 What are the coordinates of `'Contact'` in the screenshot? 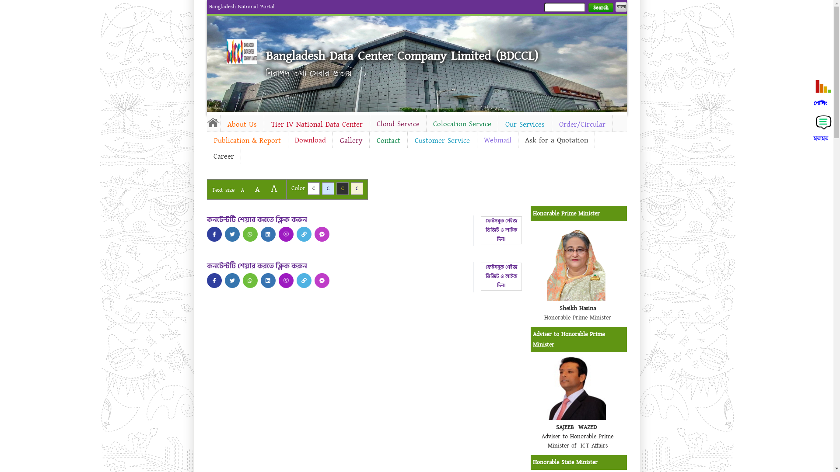 It's located at (388, 140).